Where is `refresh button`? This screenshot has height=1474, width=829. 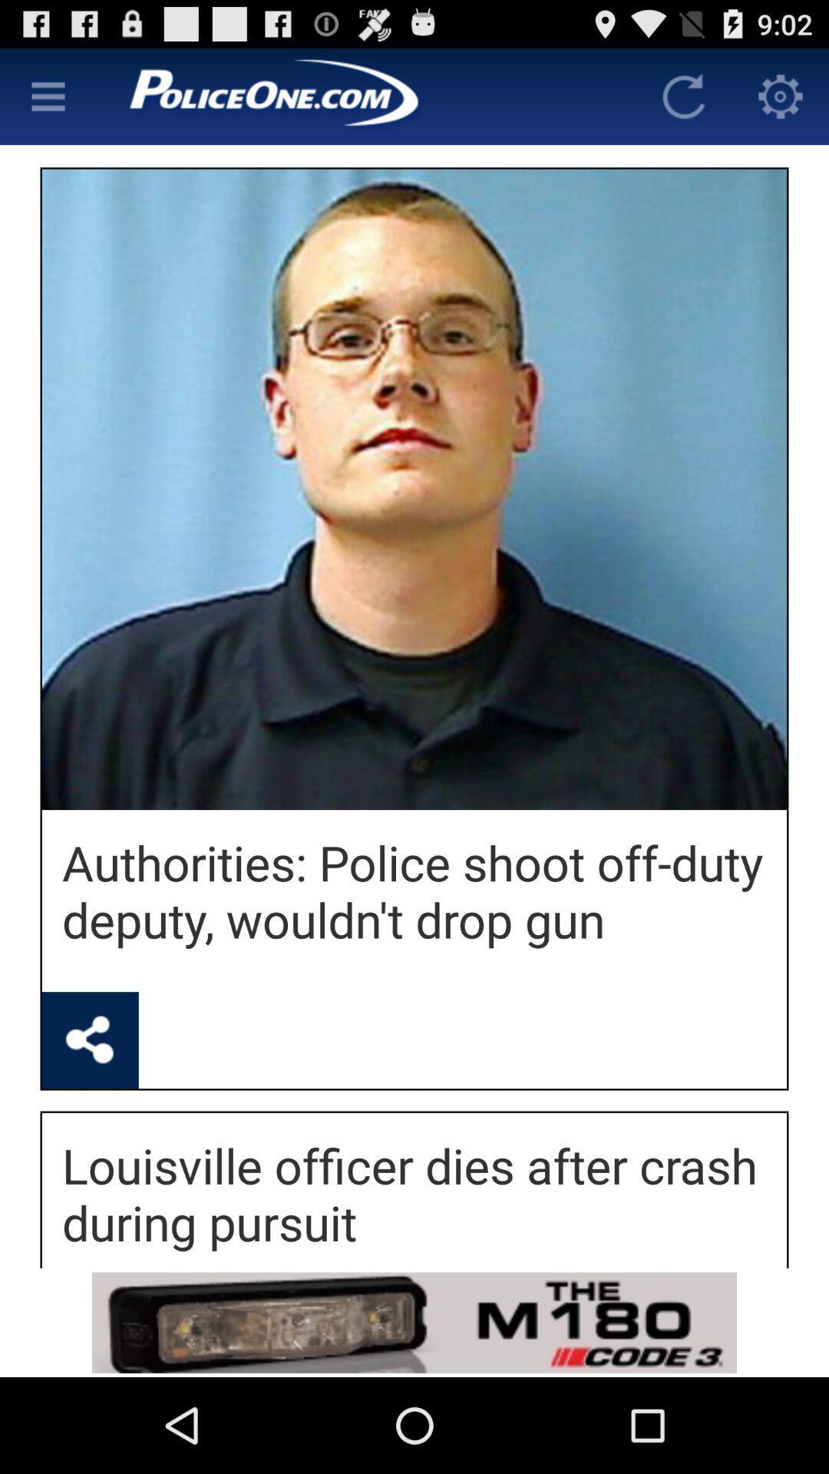
refresh button is located at coordinates (683, 95).